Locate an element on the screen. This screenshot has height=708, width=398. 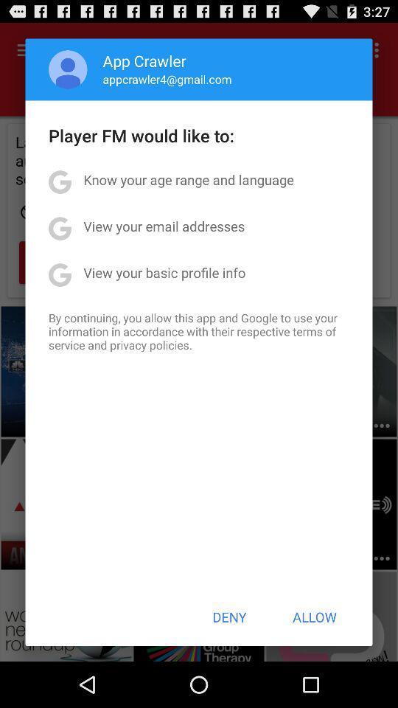
item above the view your email icon is located at coordinates (189, 178).